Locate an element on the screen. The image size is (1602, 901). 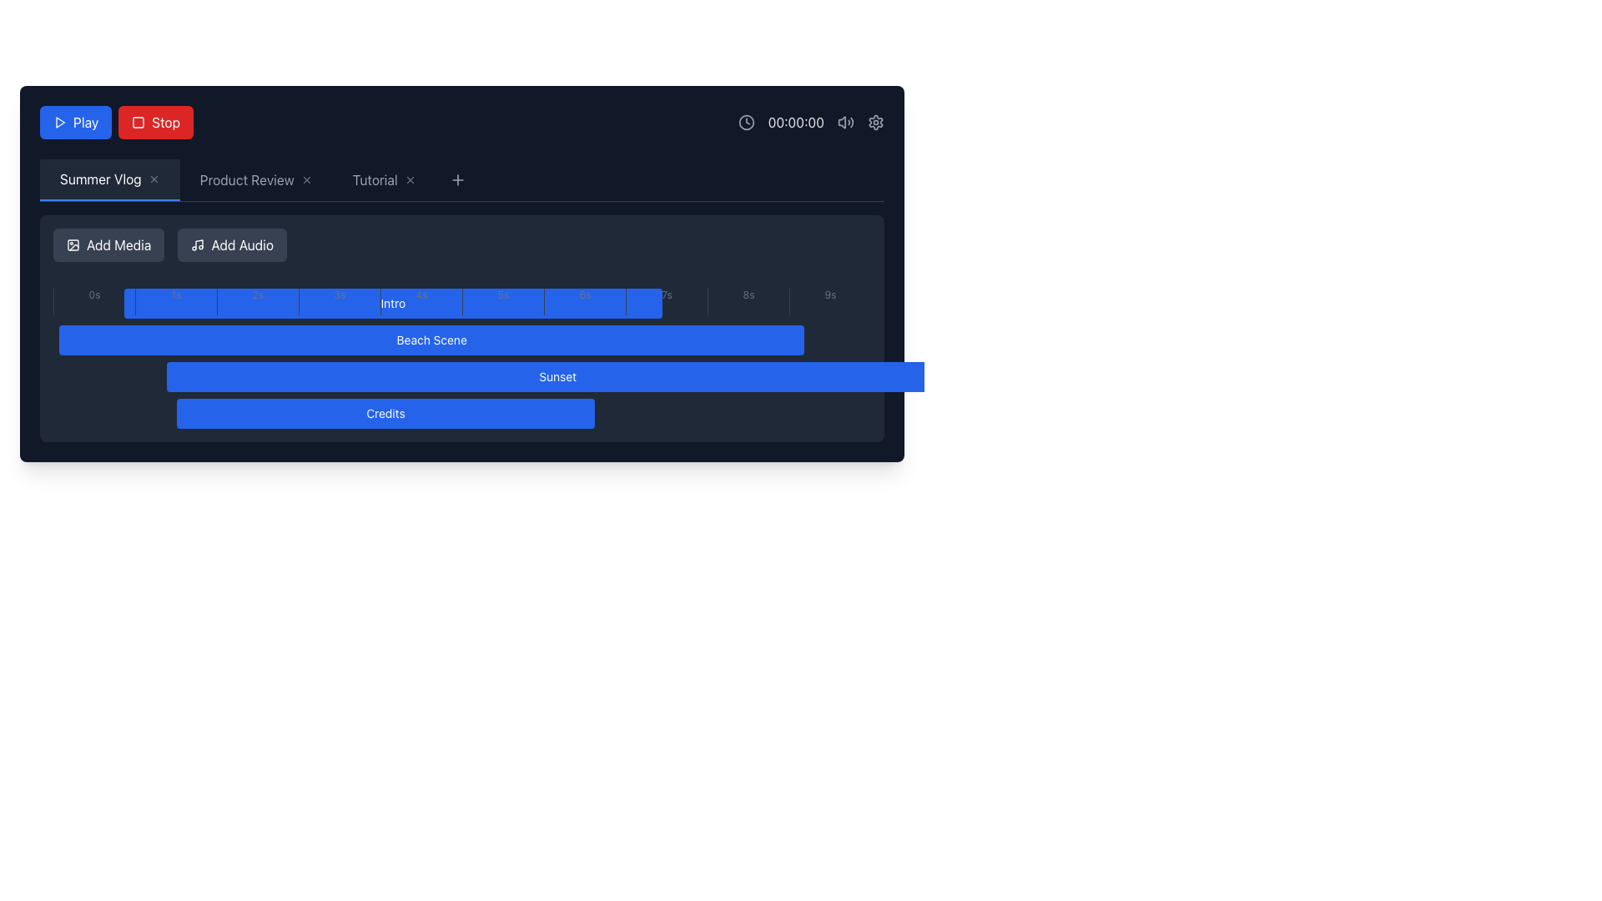
the 'X' button located at the right end of the 'Product Review' tab is located at coordinates (306, 180).